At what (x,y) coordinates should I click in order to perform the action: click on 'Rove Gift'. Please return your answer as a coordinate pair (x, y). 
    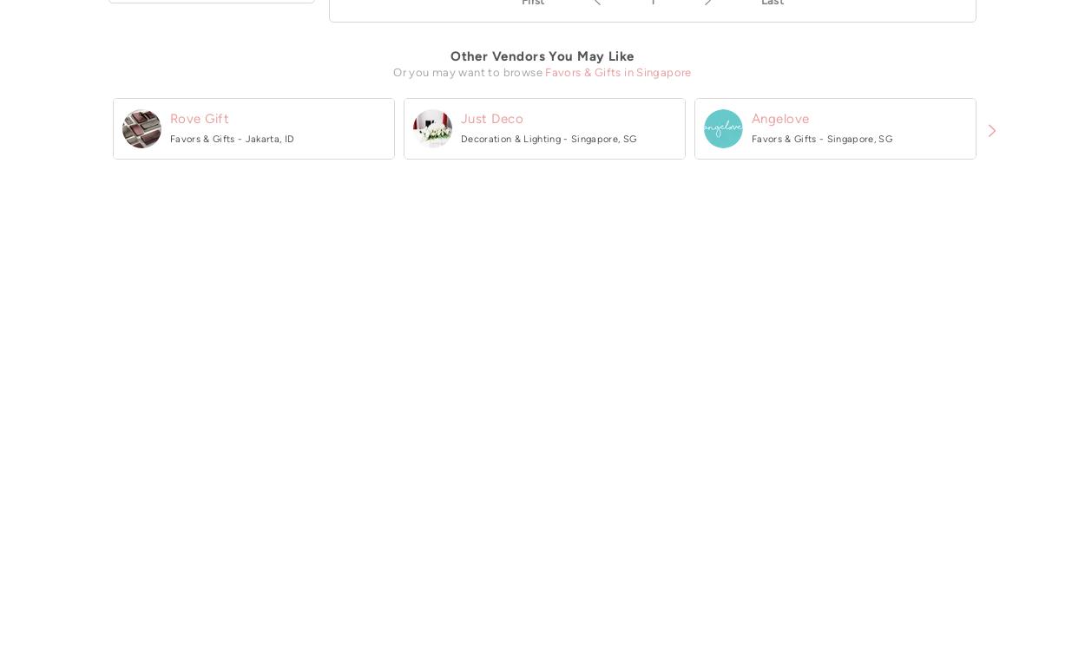
    Looking at the image, I should click on (169, 117).